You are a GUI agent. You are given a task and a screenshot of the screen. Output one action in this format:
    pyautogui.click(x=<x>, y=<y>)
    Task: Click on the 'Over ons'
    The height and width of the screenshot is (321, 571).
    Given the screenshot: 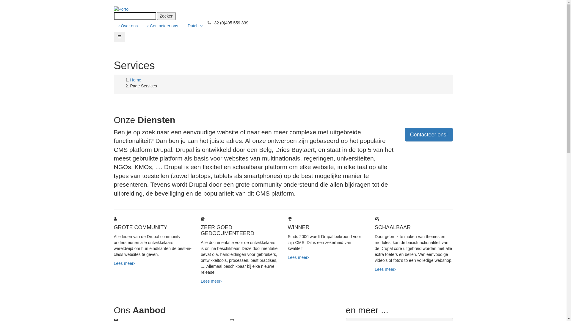 What is the action you would take?
    pyautogui.click(x=128, y=26)
    